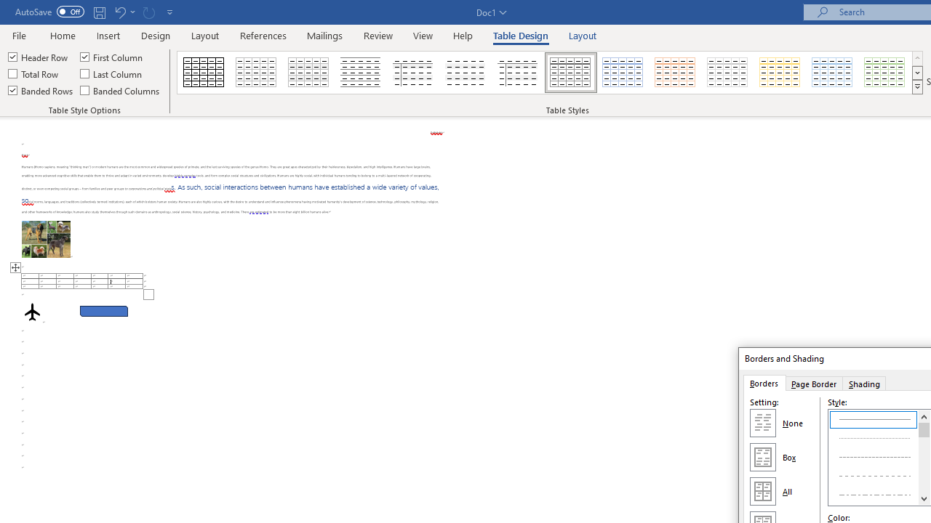  What do you see at coordinates (923, 416) in the screenshot?
I see `'Line up'` at bounding box center [923, 416].